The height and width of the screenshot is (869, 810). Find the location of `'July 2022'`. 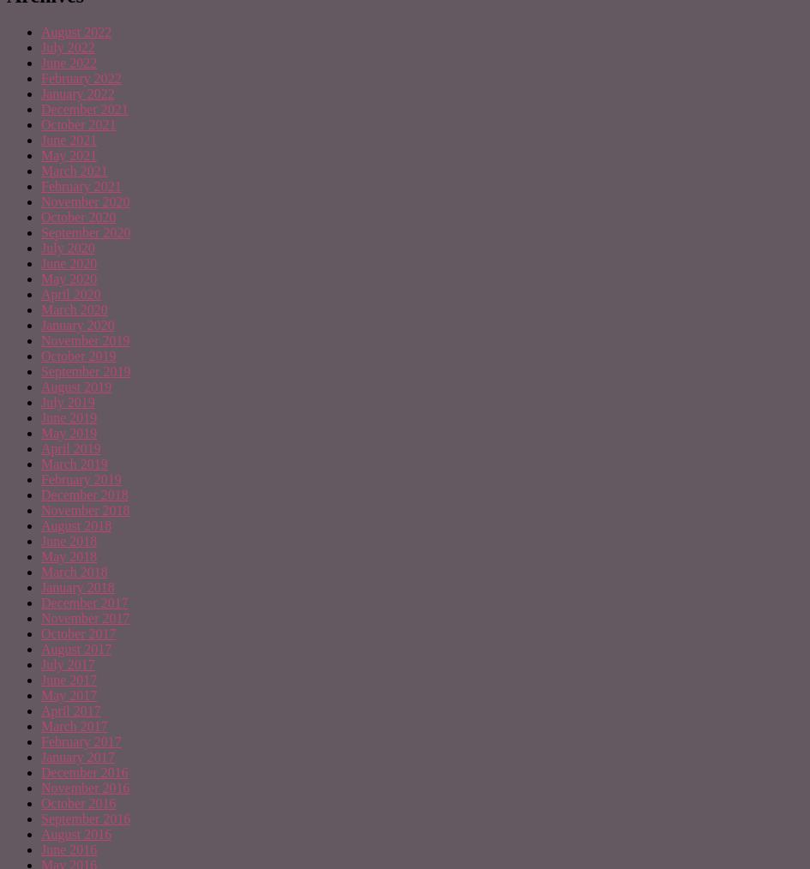

'July 2022' is located at coordinates (67, 46).